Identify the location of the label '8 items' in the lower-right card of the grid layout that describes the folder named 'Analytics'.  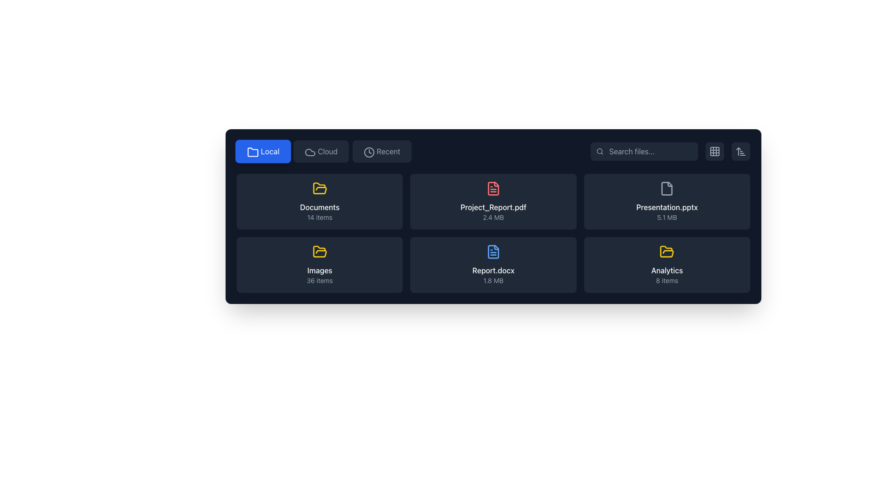
(666, 274).